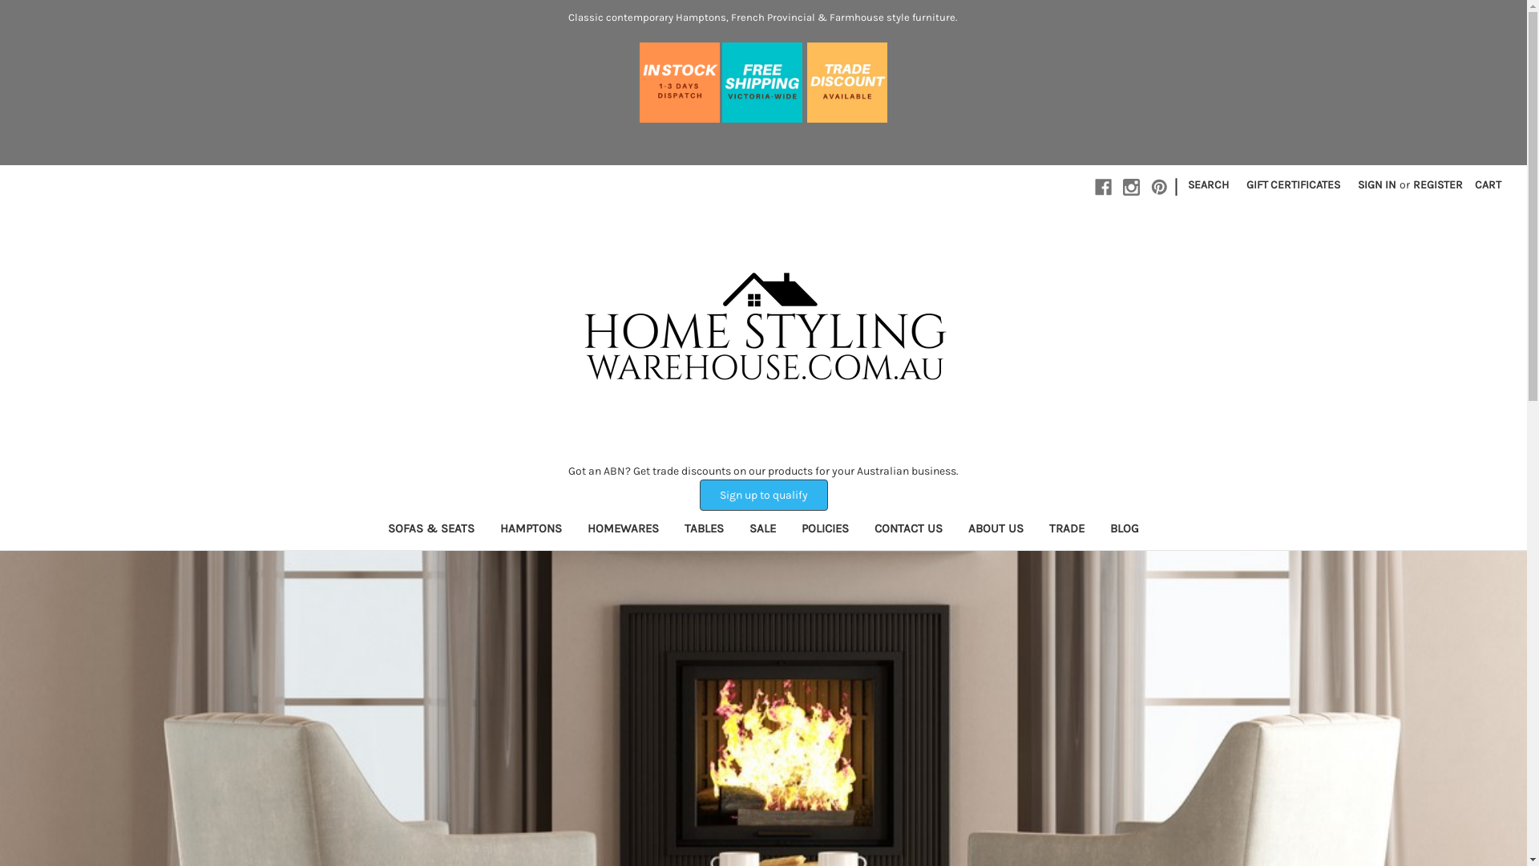 Image resolution: width=1539 pixels, height=866 pixels. Describe the element at coordinates (761, 83) in the screenshot. I see `'free-shipping-victoria-2.jpg'` at that location.